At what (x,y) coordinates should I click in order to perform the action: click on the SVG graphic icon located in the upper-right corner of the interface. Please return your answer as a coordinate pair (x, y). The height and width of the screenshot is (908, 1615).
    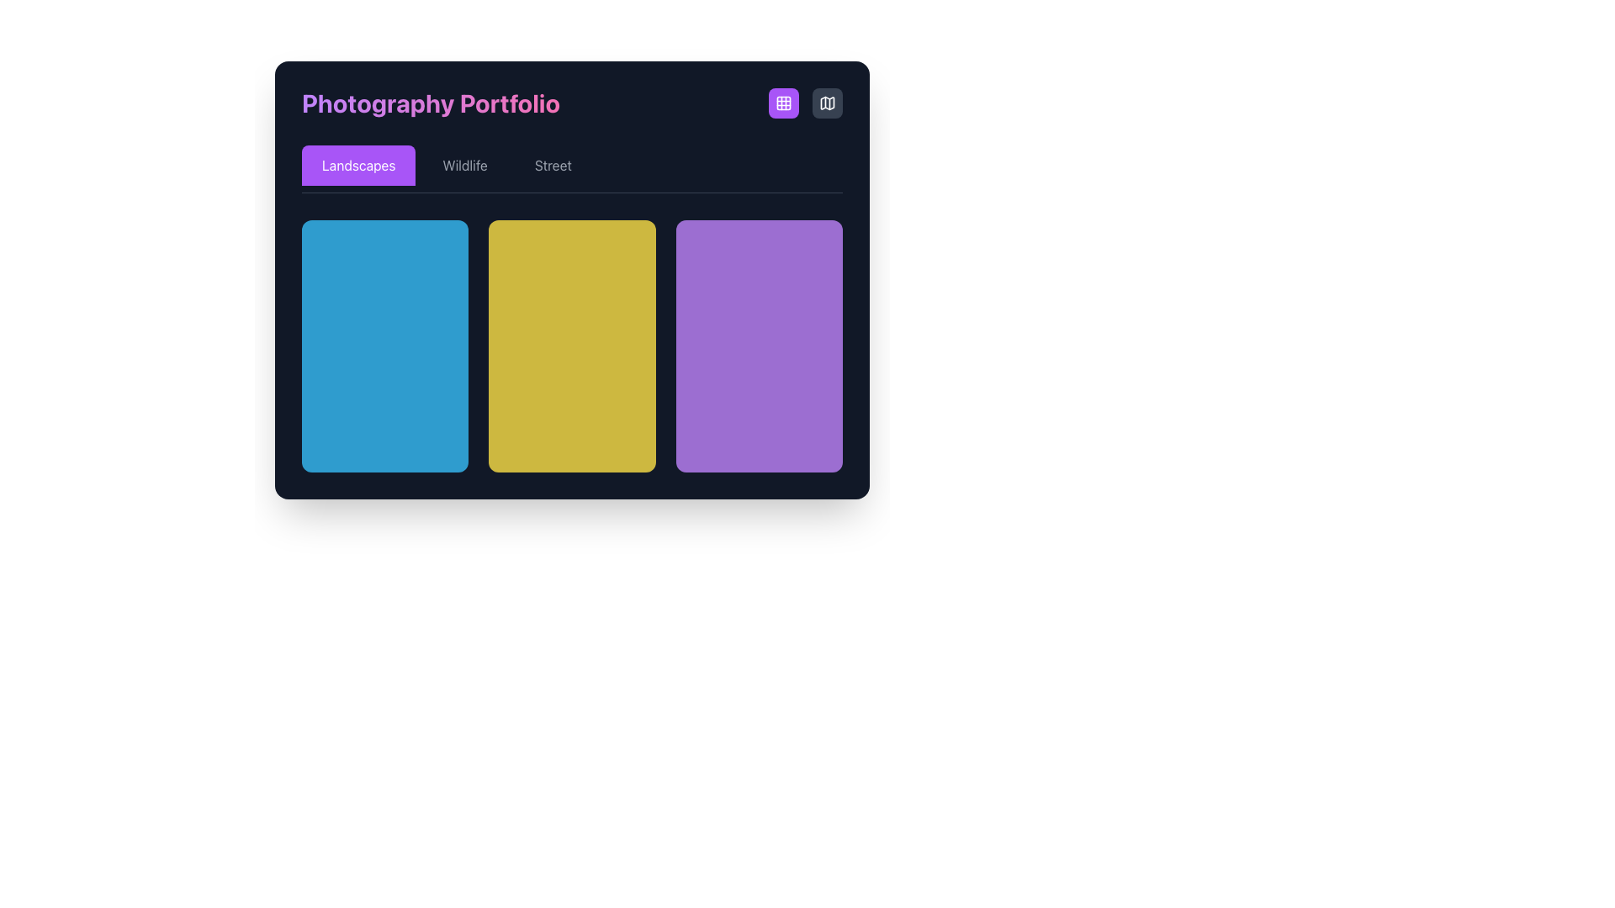
    Looking at the image, I should click on (827, 103).